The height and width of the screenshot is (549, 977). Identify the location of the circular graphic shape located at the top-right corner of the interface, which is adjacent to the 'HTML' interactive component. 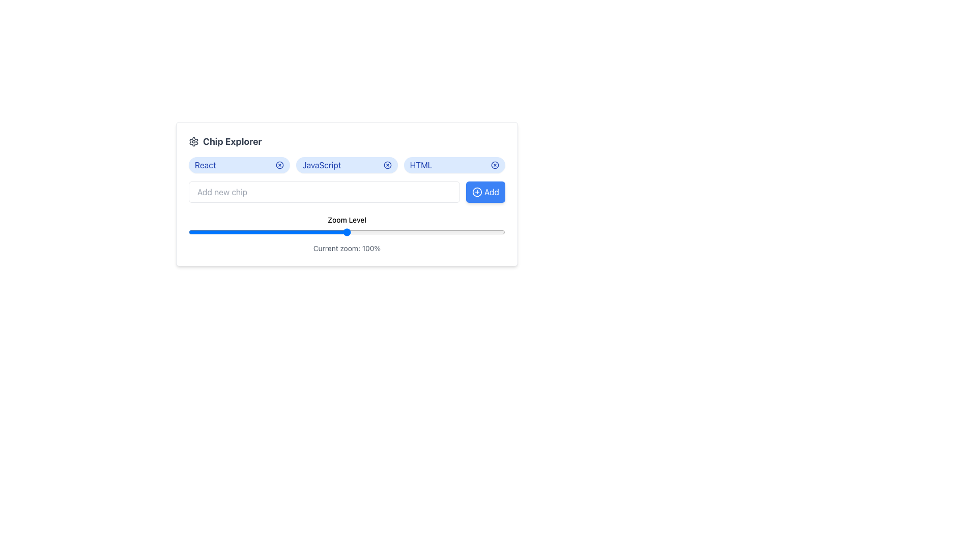
(495, 164).